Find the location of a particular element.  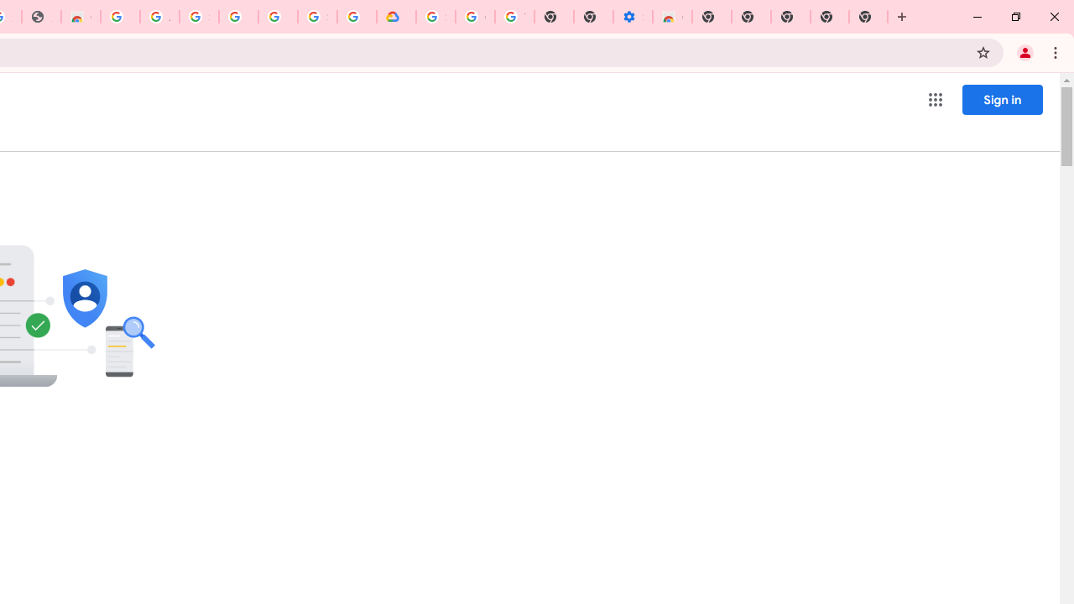

'Turn cookies on or off - Computer - Google Account Help' is located at coordinates (514, 17).